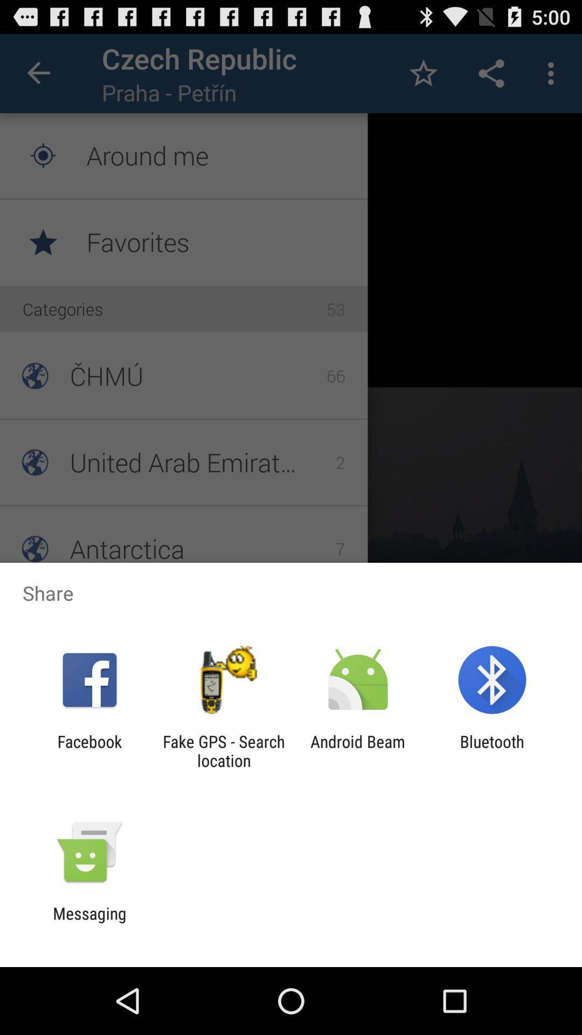 The width and height of the screenshot is (582, 1035). I want to click on the item to the right of the facebook item, so click(223, 750).